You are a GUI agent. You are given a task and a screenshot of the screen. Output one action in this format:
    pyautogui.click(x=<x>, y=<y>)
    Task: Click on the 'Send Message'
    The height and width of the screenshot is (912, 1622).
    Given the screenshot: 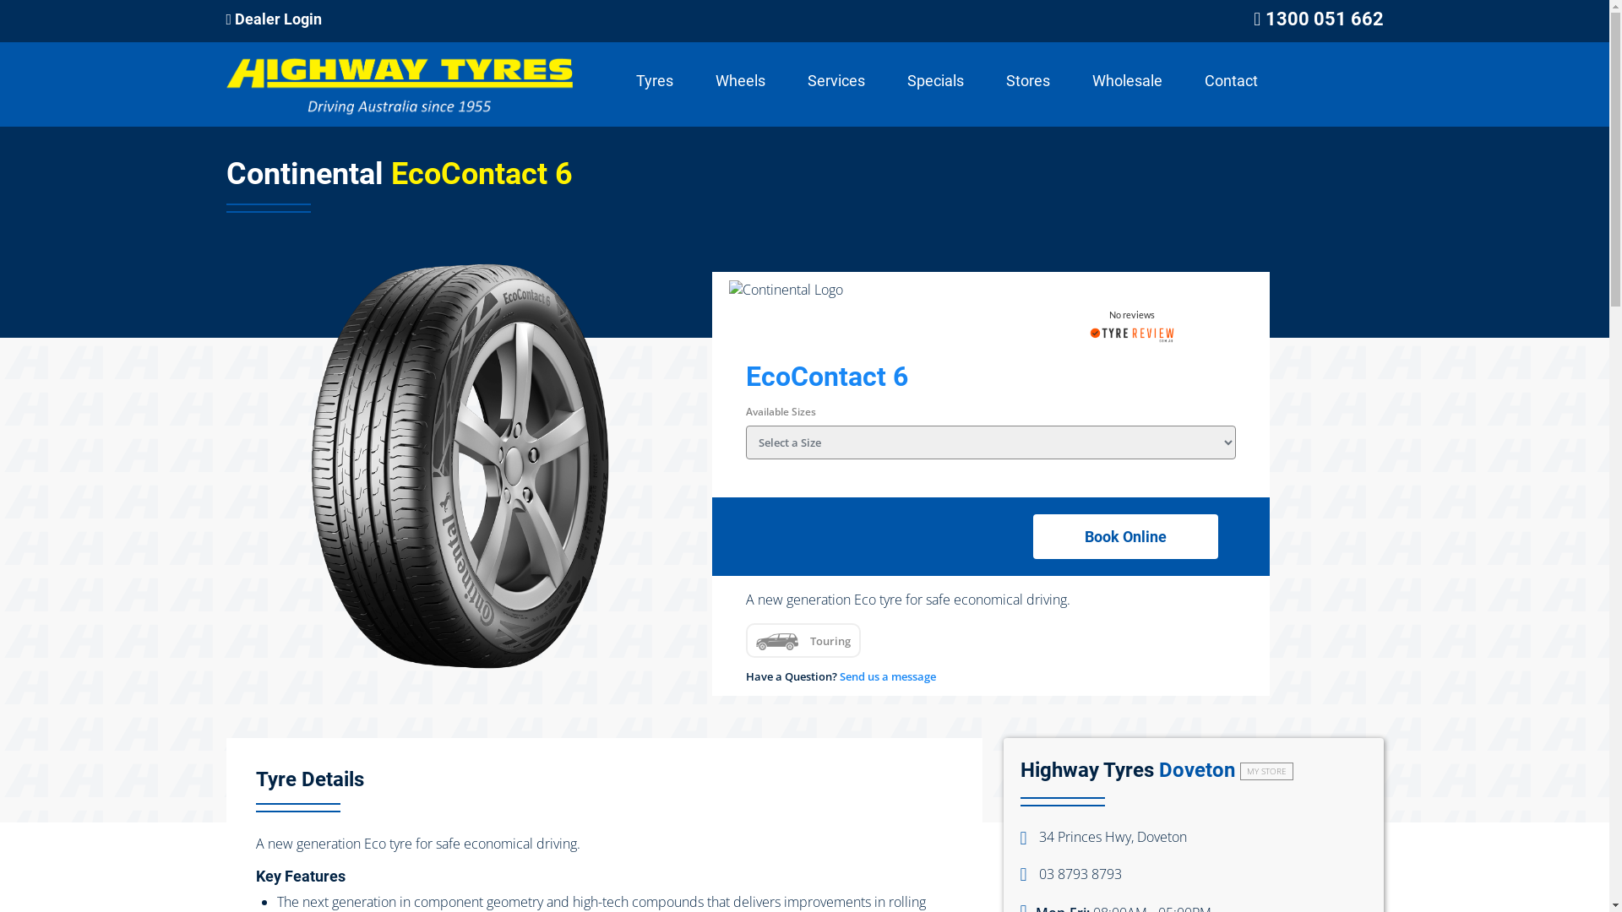 What is the action you would take?
    pyautogui.click(x=804, y=670)
    